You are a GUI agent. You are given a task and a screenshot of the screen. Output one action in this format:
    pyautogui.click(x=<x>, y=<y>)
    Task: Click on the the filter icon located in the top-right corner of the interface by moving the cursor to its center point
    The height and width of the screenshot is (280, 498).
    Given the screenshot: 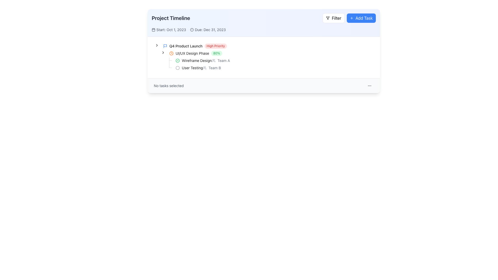 What is the action you would take?
    pyautogui.click(x=328, y=18)
    